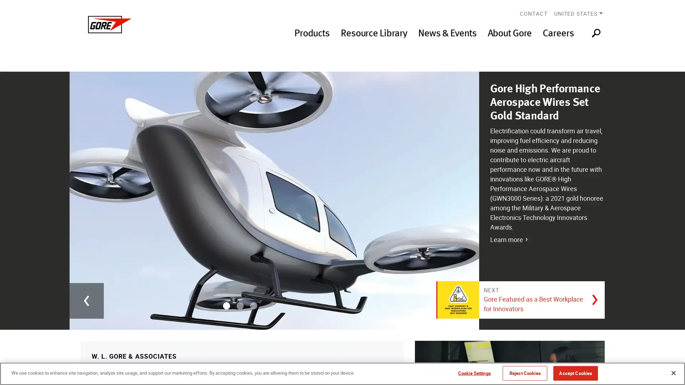 This screenshot has height=385, width=685. I want to click on Close, so click(673, 372).